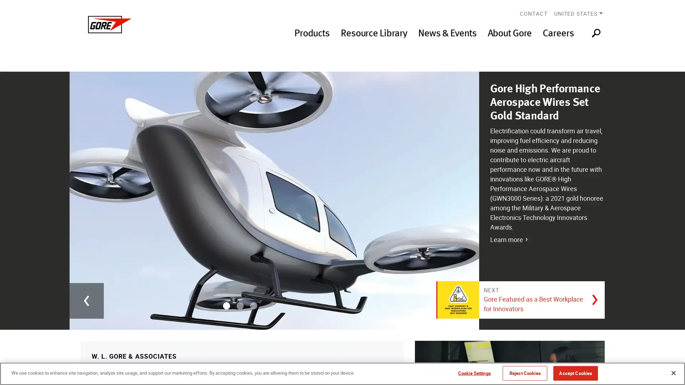 This screenshot has height=385, width=685. I want to click on Close, so click(673, 372).